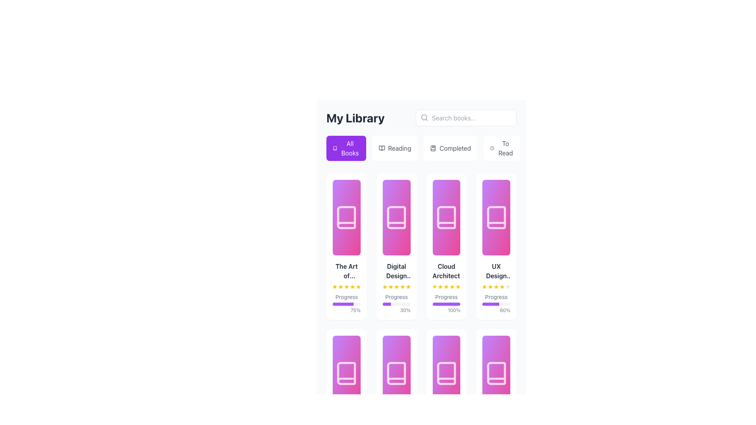 The image size is (756, 425). Describe the element at coordinates (496, 287) in the screenshot. I see `the star rating component located within the 'UX Design Fundamentals' section to change the rating` at that location.